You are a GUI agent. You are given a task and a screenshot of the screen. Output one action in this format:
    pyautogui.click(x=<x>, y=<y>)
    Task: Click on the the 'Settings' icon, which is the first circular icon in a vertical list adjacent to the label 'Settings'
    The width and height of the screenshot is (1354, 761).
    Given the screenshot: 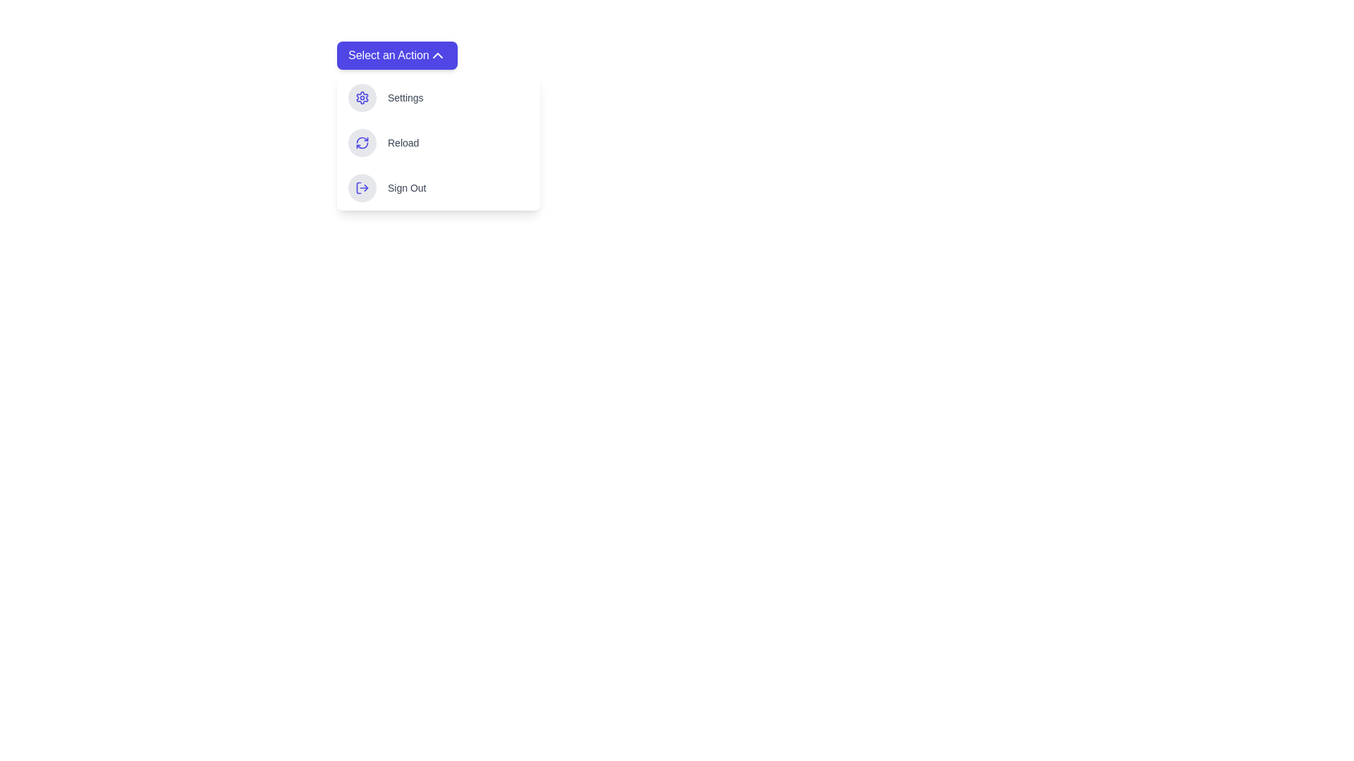 What is the action you would take?
    pyautogui.click(x=362, y=97)
    